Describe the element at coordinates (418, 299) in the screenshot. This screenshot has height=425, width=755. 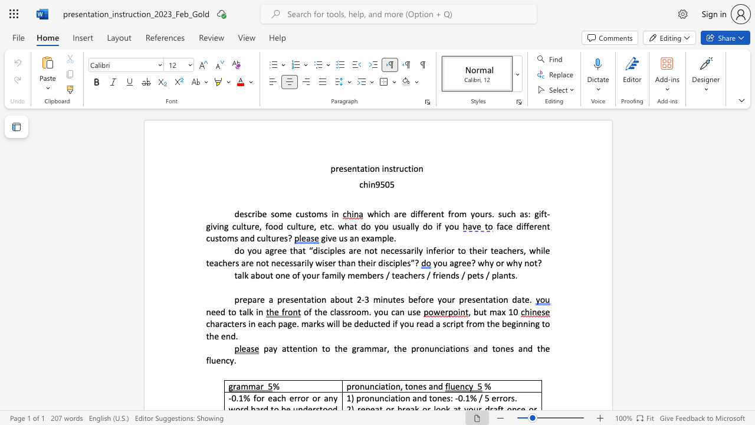
I see `the subset text "fore your p" within the text "3 minutes before your presentation date."` at that location.